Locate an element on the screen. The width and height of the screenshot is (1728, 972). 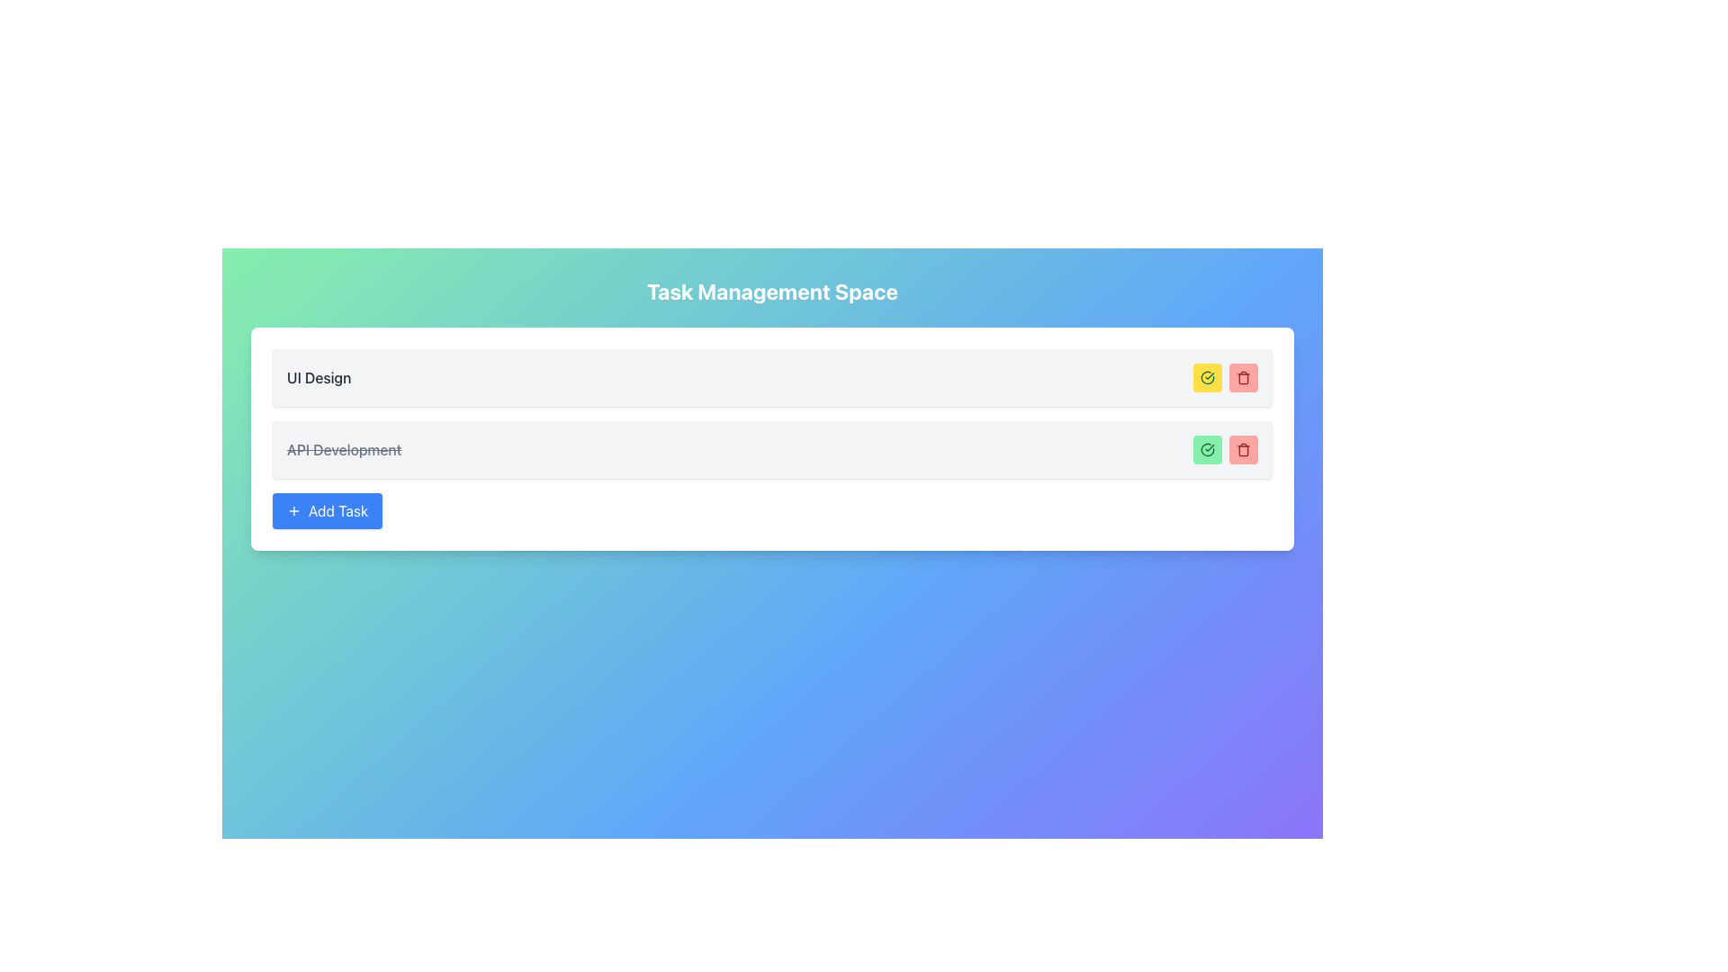
the red trash icon button with rounded corners is located at coordinates (1243, 449).